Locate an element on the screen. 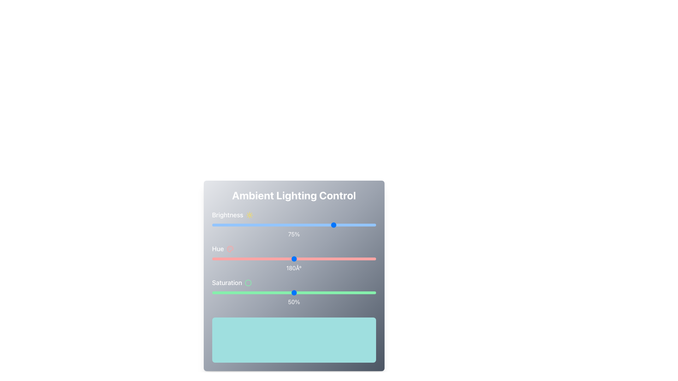  saturation is located at coordinates (266, 292).